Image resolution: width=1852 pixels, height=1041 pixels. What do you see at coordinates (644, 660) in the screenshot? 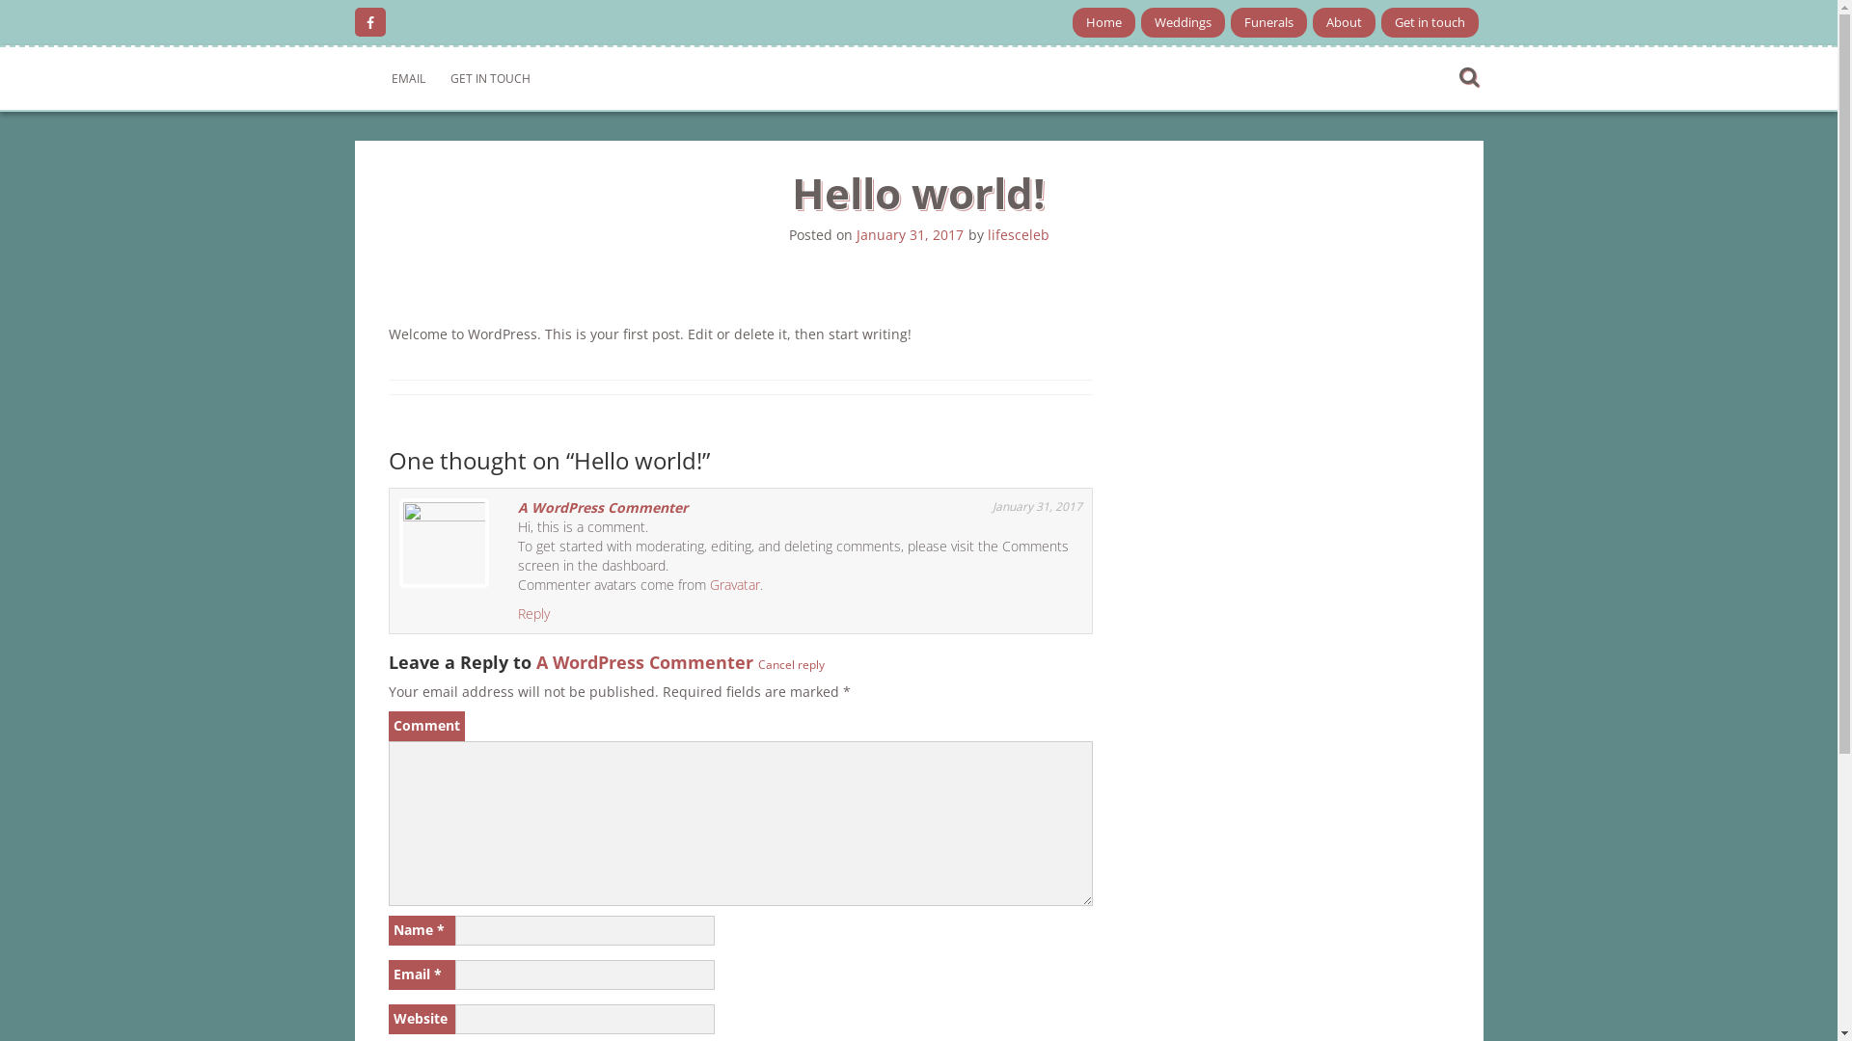
I see `'A WordPress Commenter'` at bounding box center [644, 660].